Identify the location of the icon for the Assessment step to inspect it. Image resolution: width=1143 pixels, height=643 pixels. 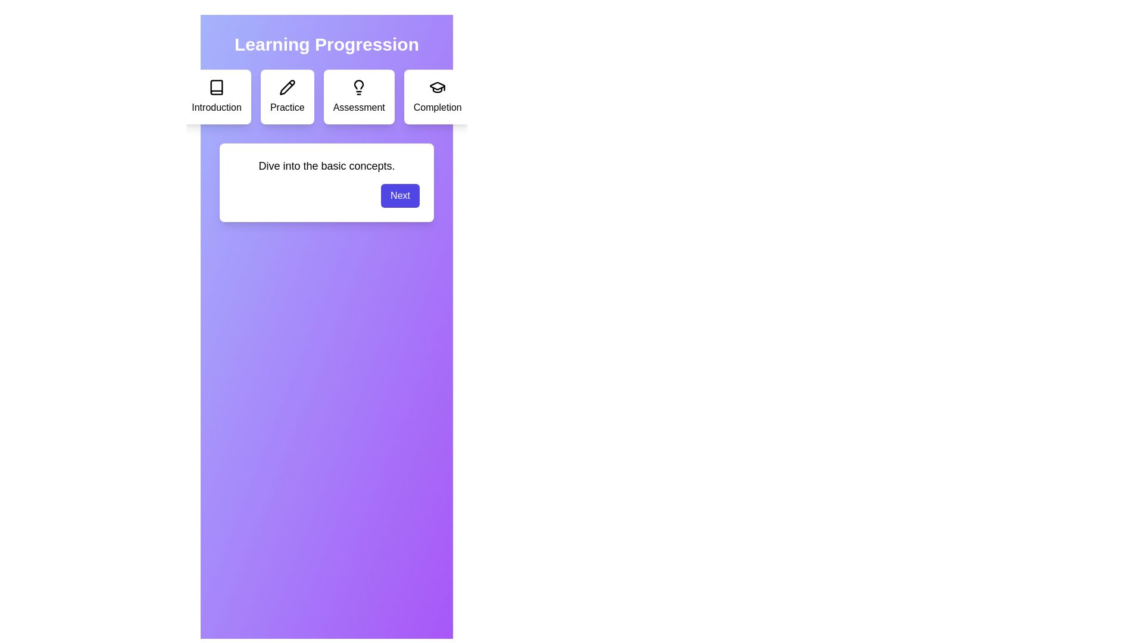
(358, 86).